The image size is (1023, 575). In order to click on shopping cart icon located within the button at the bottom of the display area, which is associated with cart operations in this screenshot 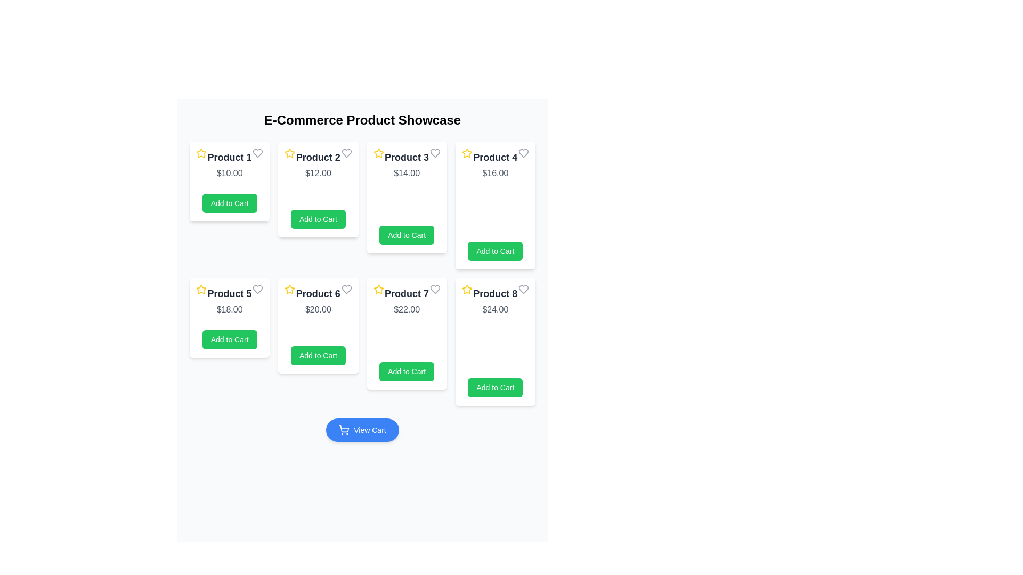, I will do `click(344, 429)`.